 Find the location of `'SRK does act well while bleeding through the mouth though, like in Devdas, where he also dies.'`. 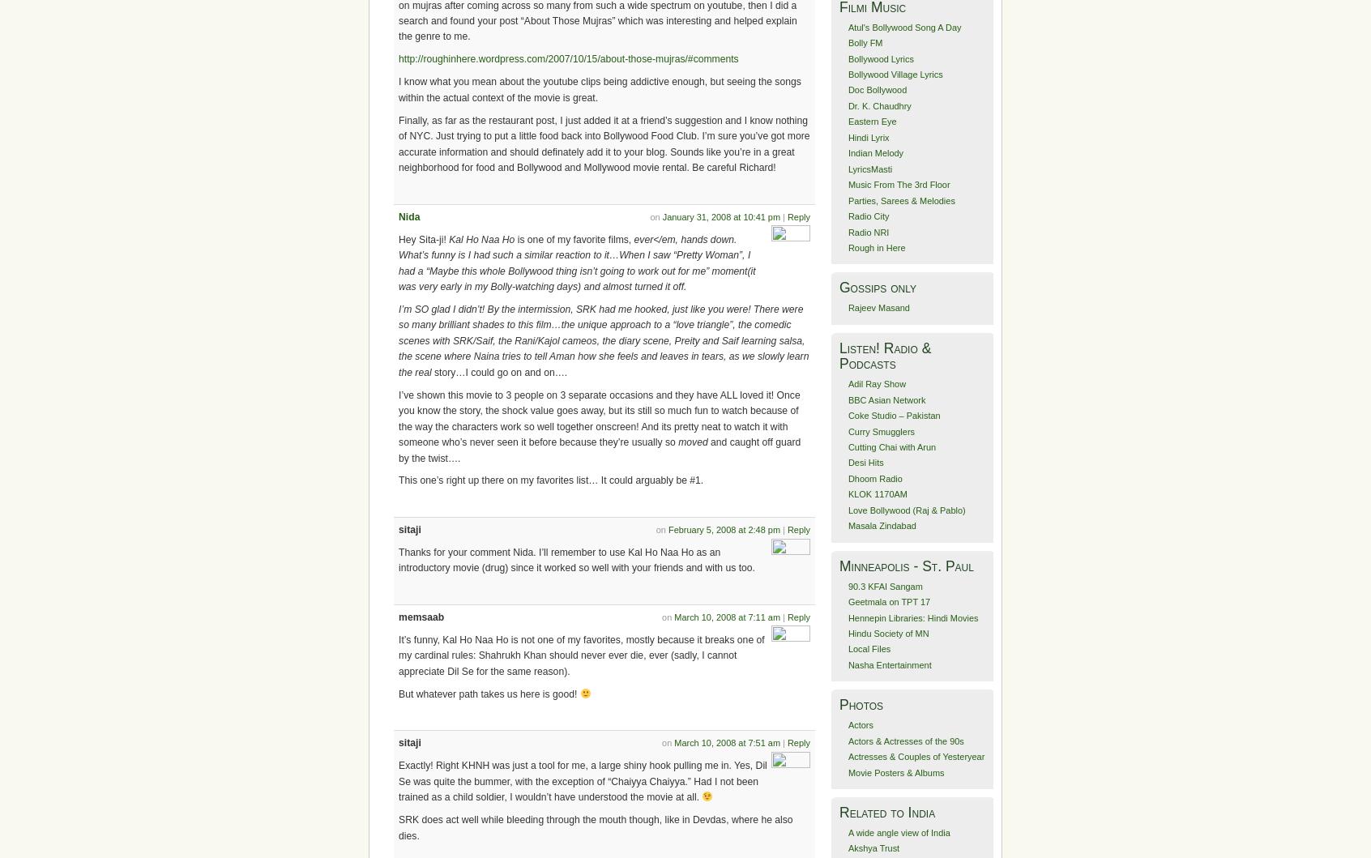

'SRK does act well while bleeding through the mouth though, like in Devdas, where he also dies.' is located at coordinates (595, 826).